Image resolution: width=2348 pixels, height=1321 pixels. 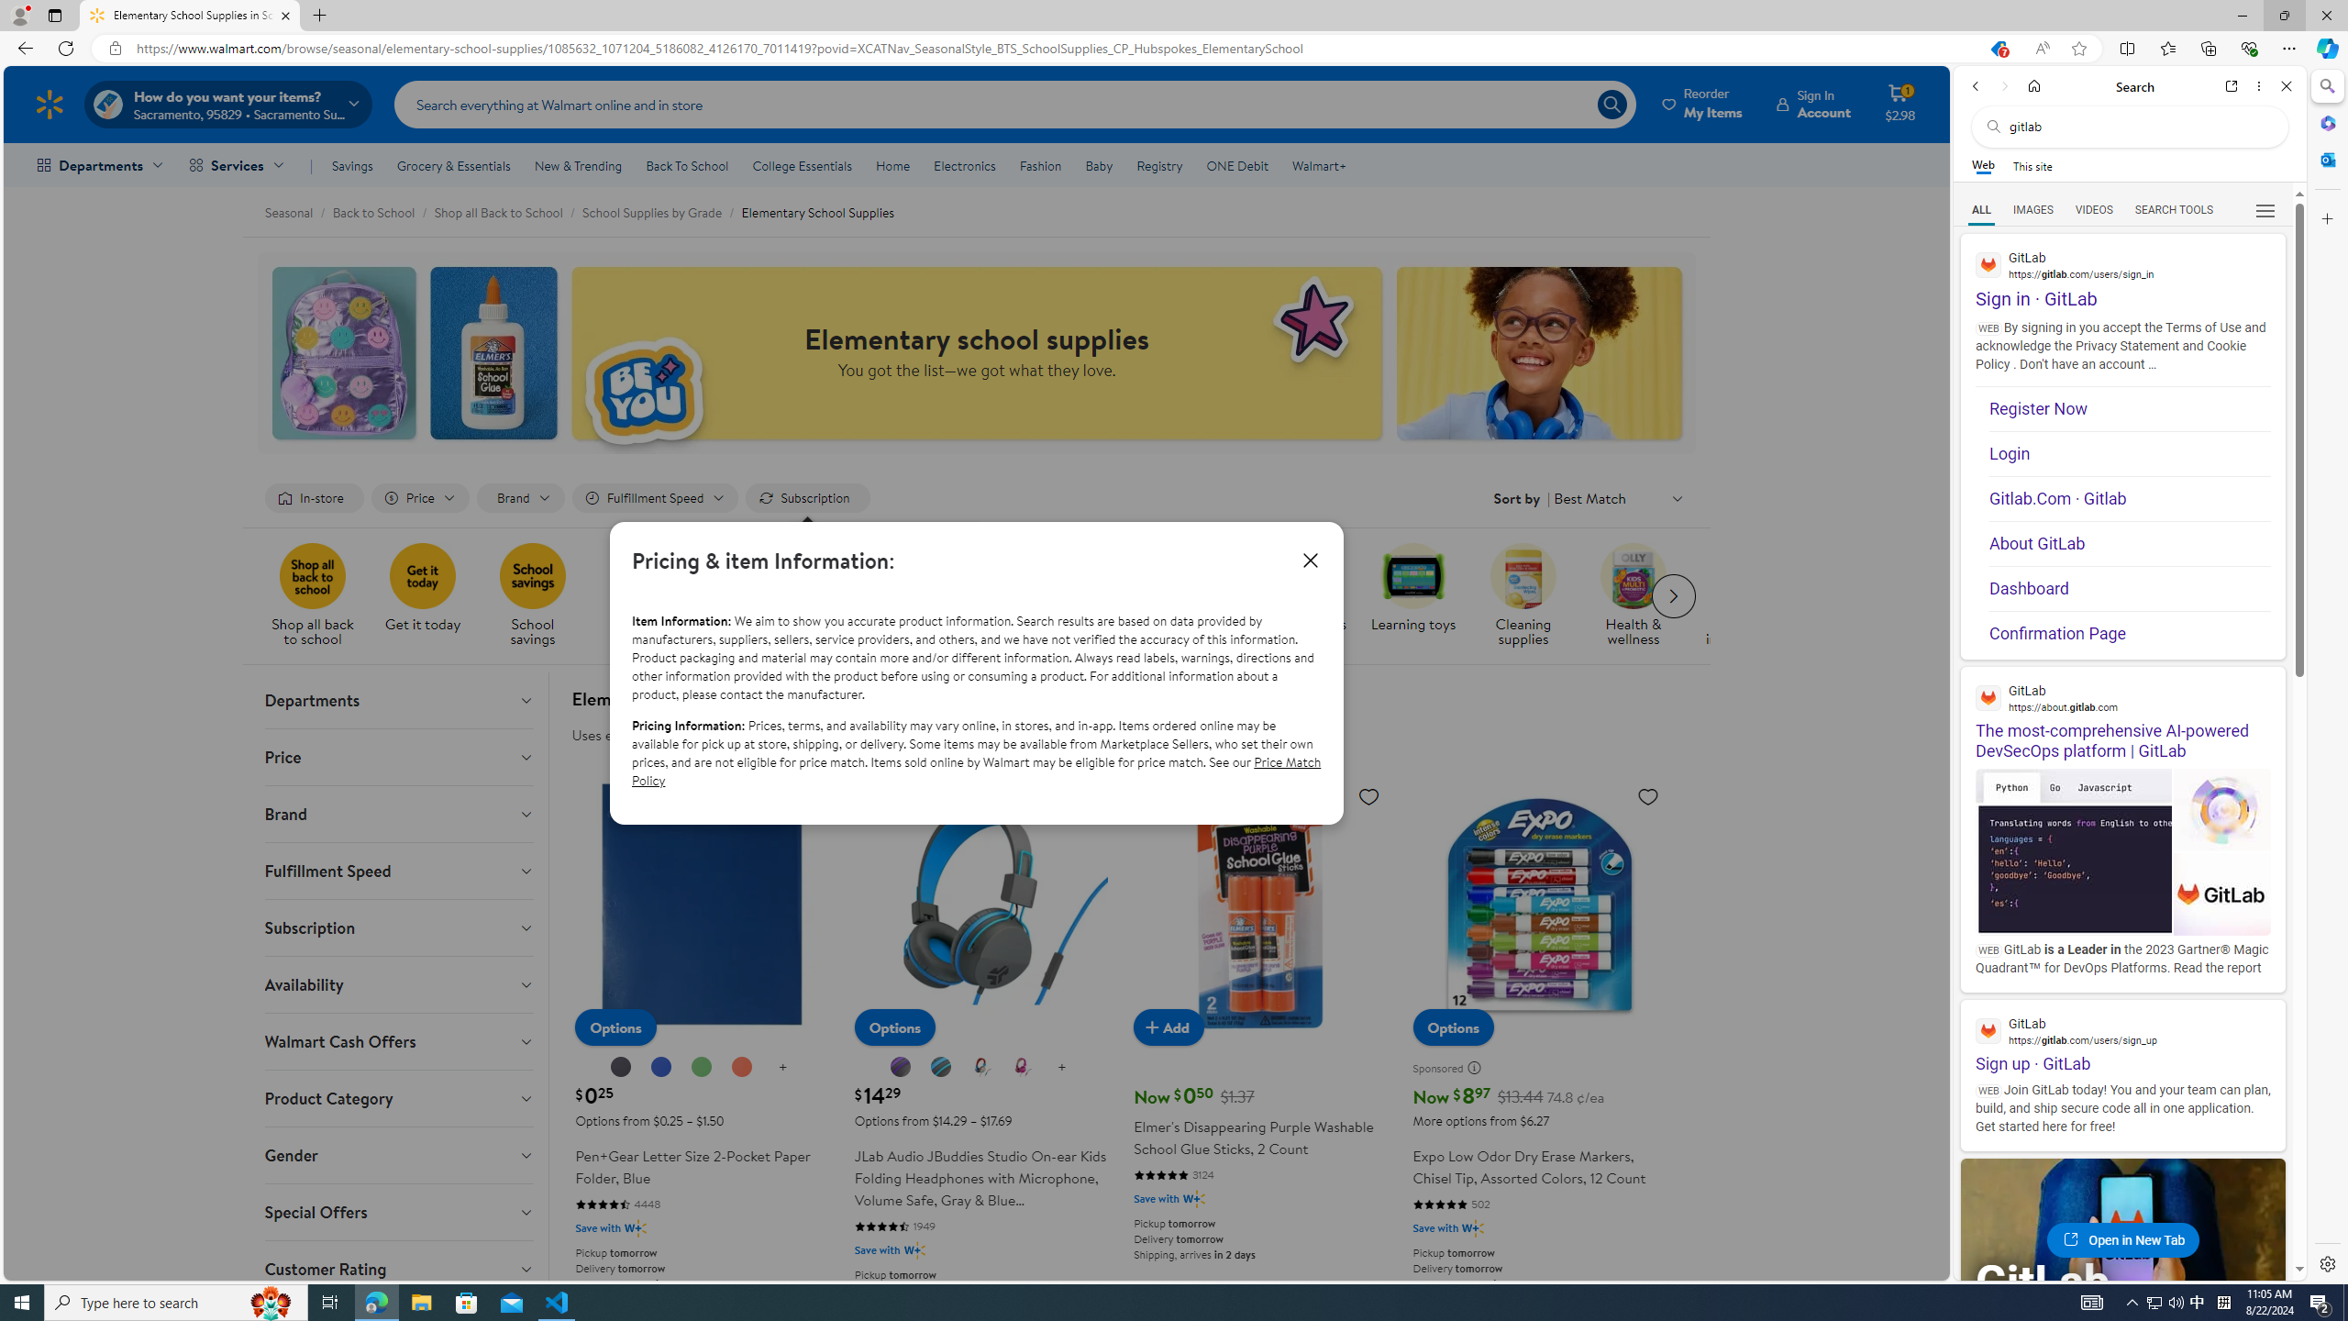 I want to click on 'Search Filter, Search Tools', so click(x=2173, y=208).